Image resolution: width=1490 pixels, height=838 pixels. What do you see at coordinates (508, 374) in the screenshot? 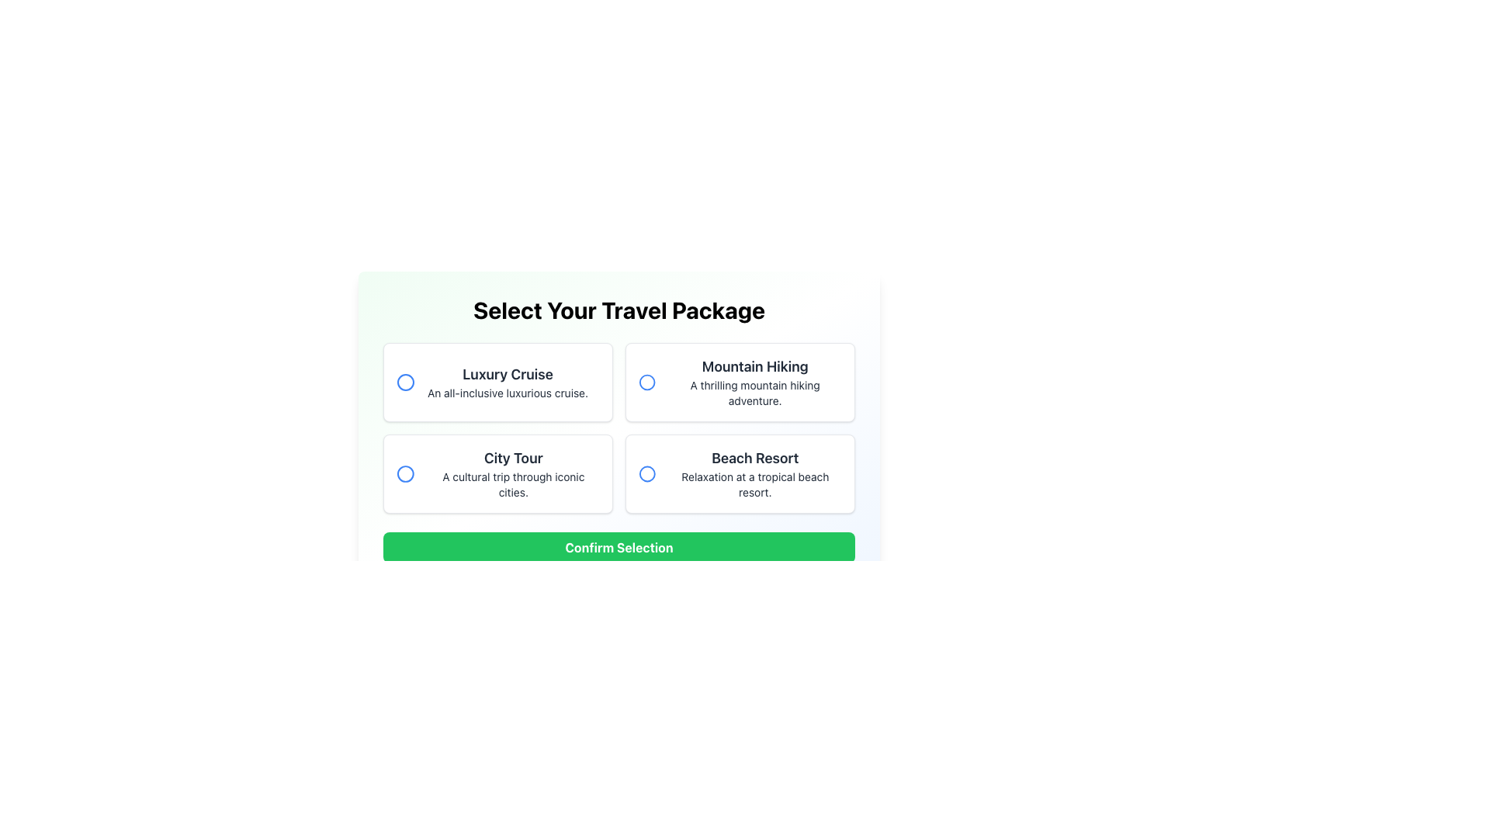
I see `the title text element for the 'Luxury Cruise' travel package option, which serves as a heading within the selection interface` at bounding box center [508, 374].